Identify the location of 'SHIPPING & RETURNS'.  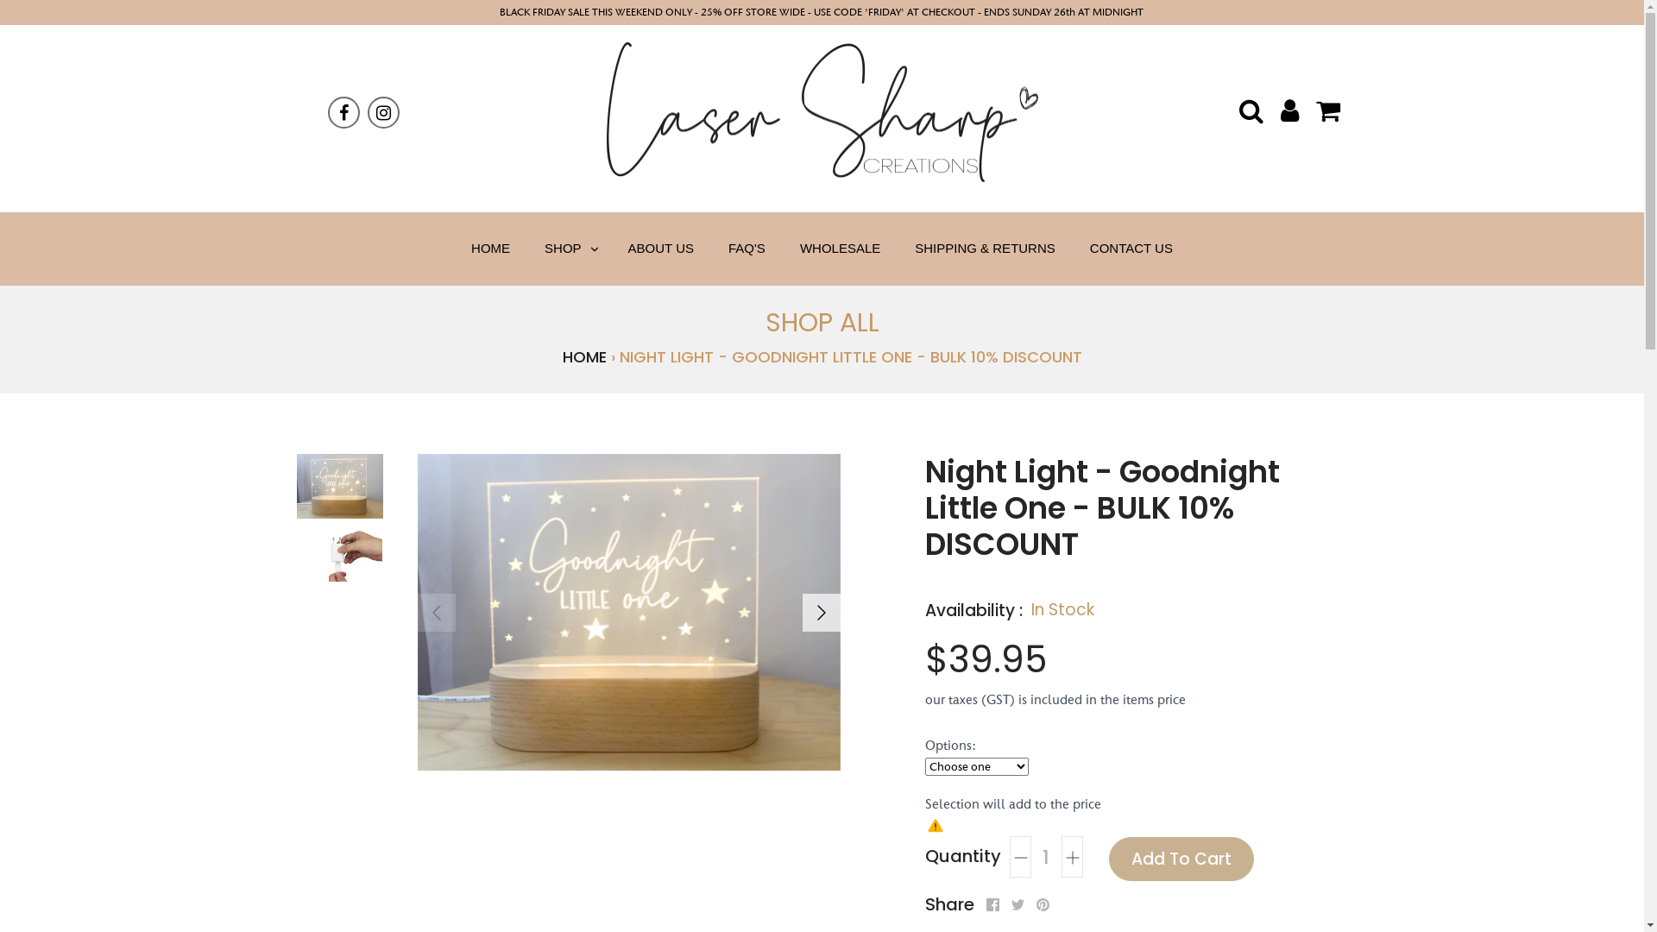
(898, 249).